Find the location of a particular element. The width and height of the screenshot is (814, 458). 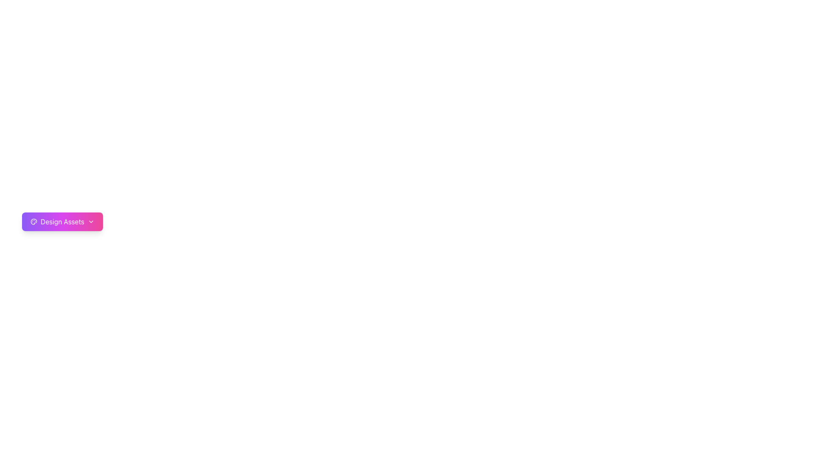

the SVG graphic icon that resembles a palette, located inside the 'Design Assets' button with a gradient pinkish-purple background is located at coordinates (34, 221).